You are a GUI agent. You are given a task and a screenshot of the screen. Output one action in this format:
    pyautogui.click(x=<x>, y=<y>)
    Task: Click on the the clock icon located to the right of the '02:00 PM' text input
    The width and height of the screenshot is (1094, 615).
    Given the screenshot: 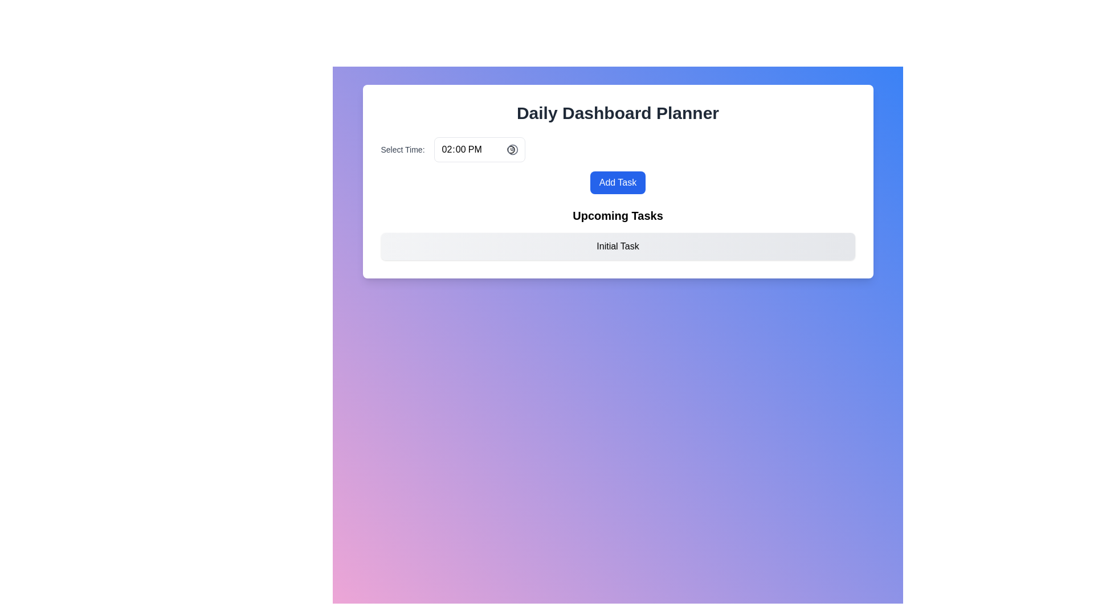 What is the action you would take?
    pyautogui.click(x=512, y=149)
    